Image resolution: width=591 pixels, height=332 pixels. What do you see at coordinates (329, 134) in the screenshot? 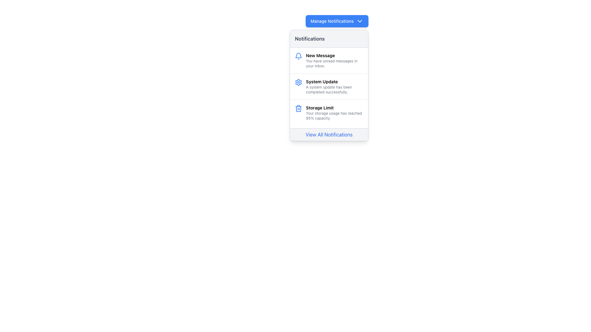
I see `the button at the bottom of the notification panel` at bounding box center [329, 134].